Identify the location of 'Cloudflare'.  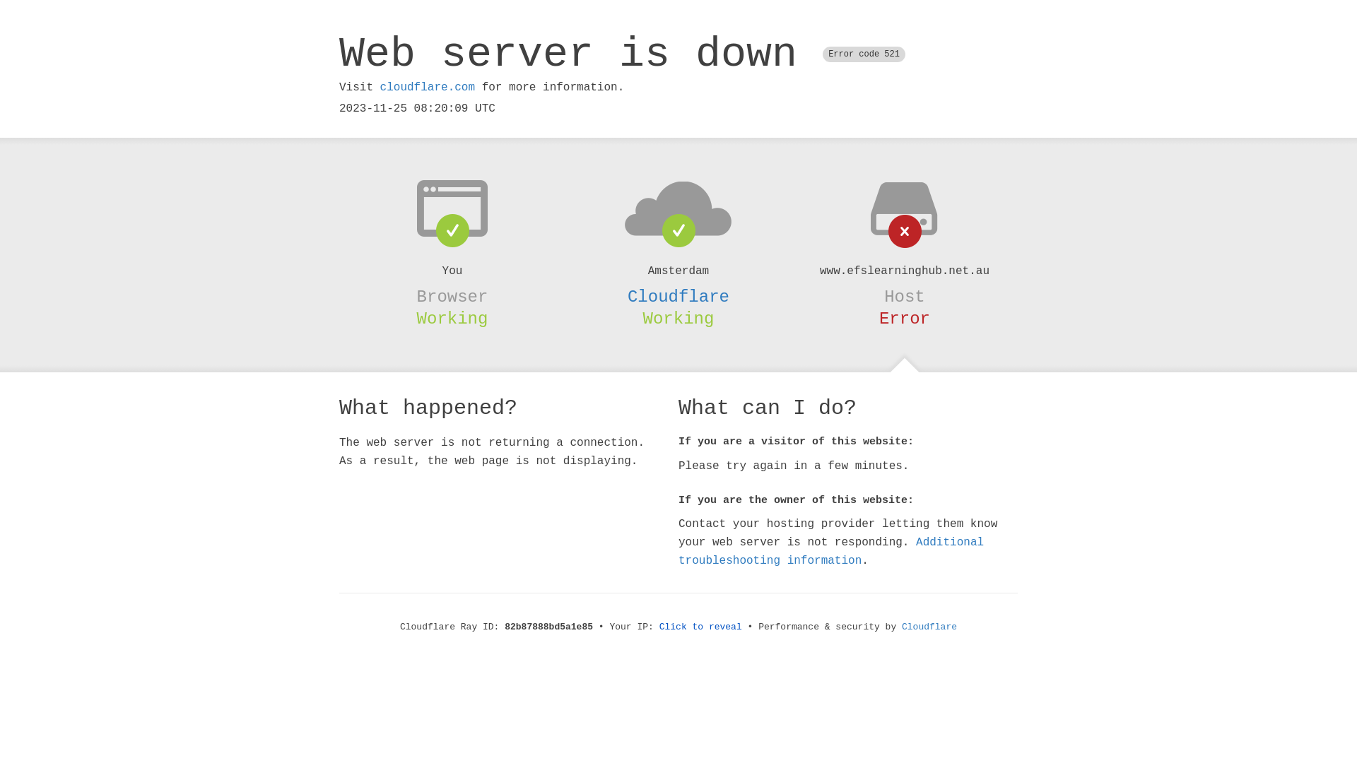
(678, 296).